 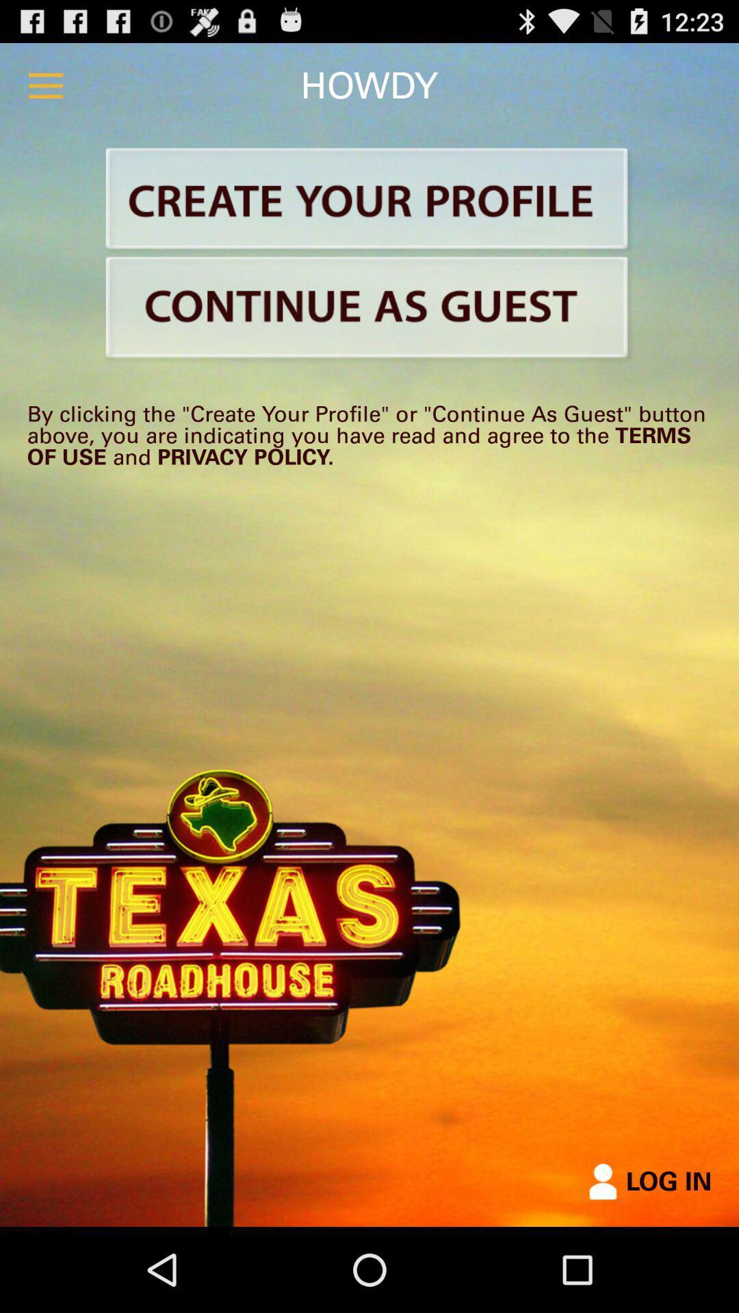 What do you see at coordinates (369, 200) in the screenshot?
I see `create your profile` at bounding box center [369, 200].